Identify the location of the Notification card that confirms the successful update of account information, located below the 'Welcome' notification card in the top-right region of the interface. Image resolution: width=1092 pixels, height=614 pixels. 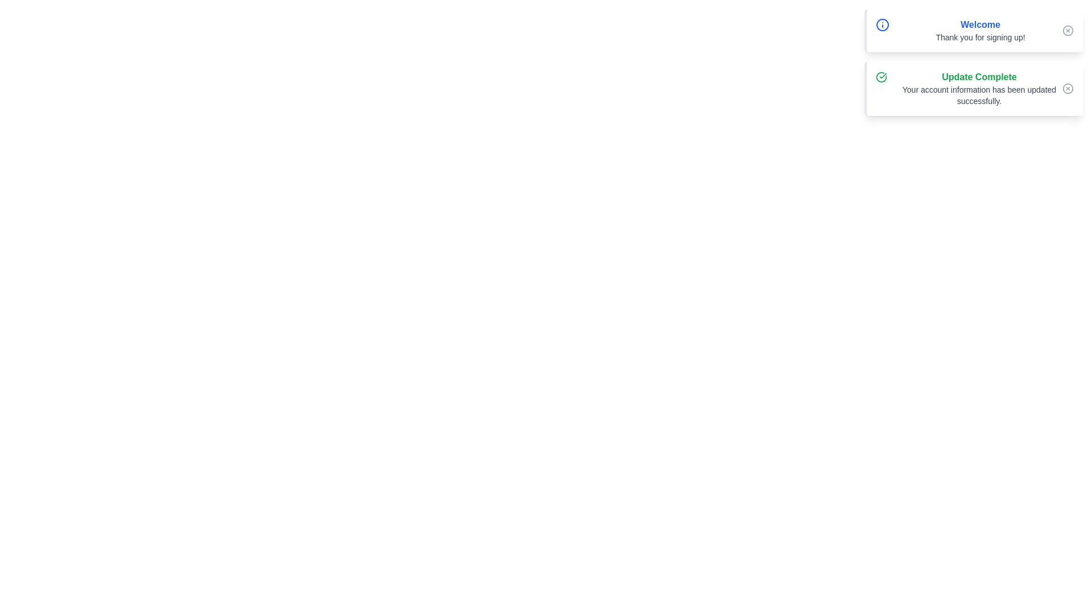
(973, 88).